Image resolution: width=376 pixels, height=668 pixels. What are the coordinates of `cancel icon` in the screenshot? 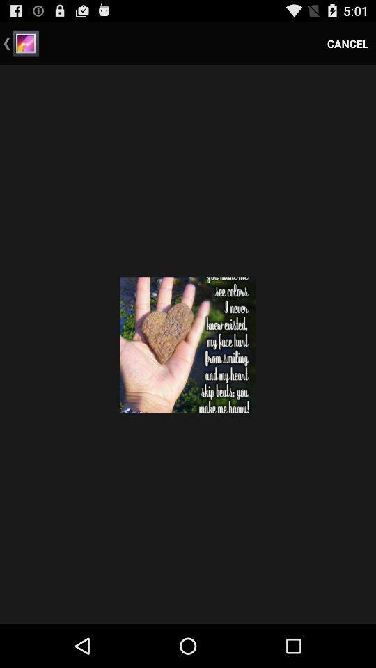 It's located at (347, 43).